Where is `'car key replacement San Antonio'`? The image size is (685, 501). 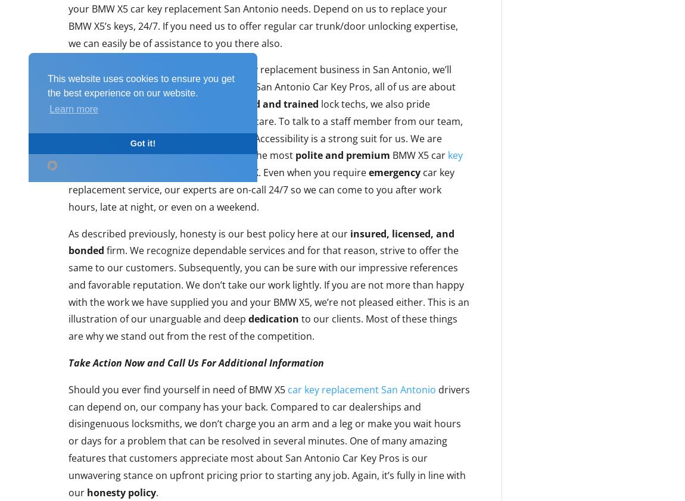 'car key replacement San Antonio' is located at coordinates (361, 389).